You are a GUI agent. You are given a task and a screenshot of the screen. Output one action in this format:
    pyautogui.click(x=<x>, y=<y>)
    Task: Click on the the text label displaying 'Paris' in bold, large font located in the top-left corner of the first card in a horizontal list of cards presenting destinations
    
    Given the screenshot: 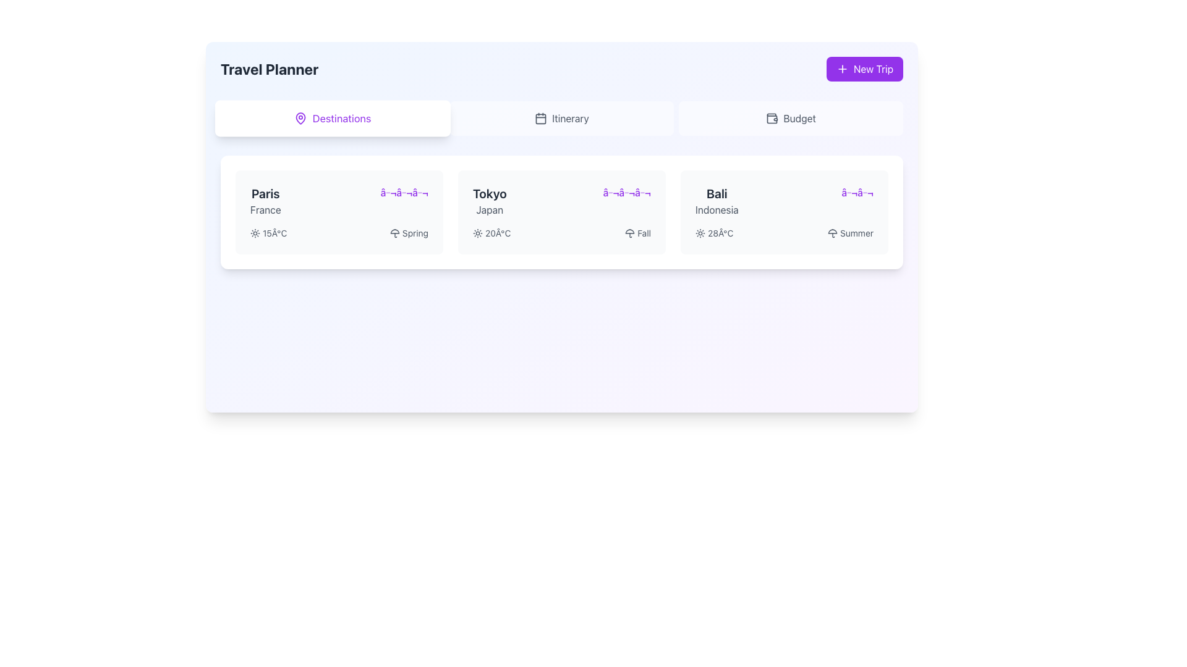 What is the action you would take?
    pyautogui.click(x=265, y=193)
    